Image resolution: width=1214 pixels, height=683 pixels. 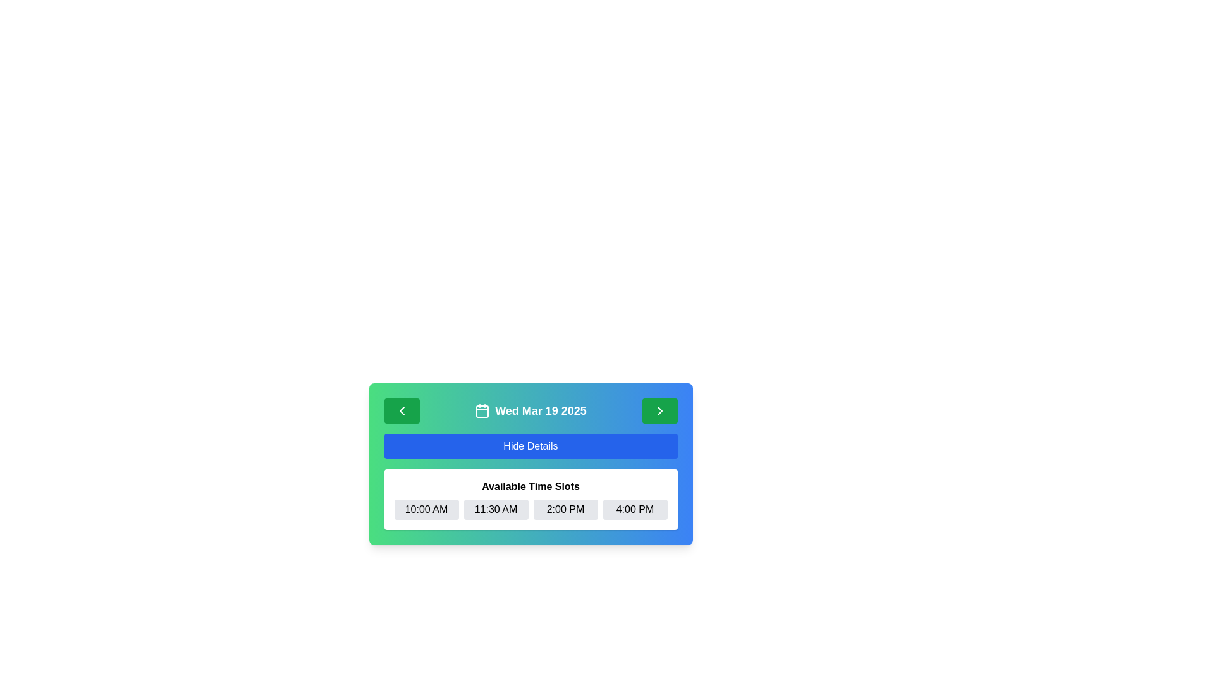 What do you see at coordinates (401, 411) in the screenshot?
I see `the left-facing chevron icon within the rounded green button located on the far left of the header section of the calendar component` at bounding box center [401, 411].